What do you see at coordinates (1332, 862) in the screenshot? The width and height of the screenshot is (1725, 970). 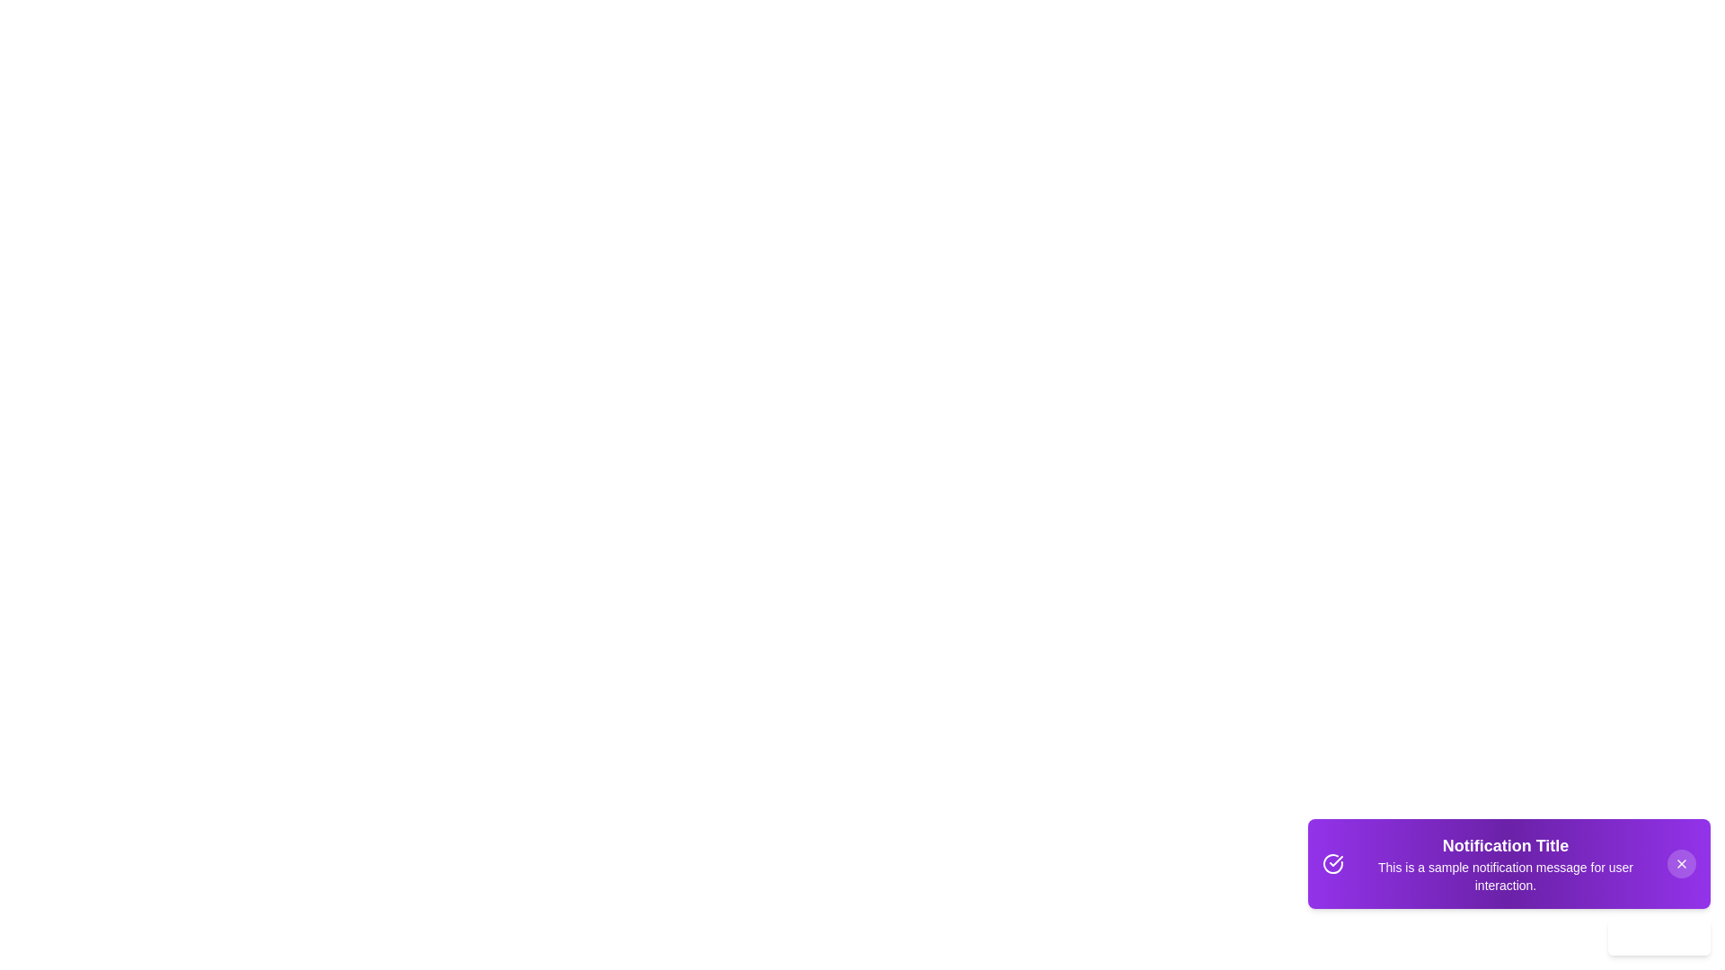 I see `the icon to the left of the text in the Snackbar` at bounding box center [1332, 862].